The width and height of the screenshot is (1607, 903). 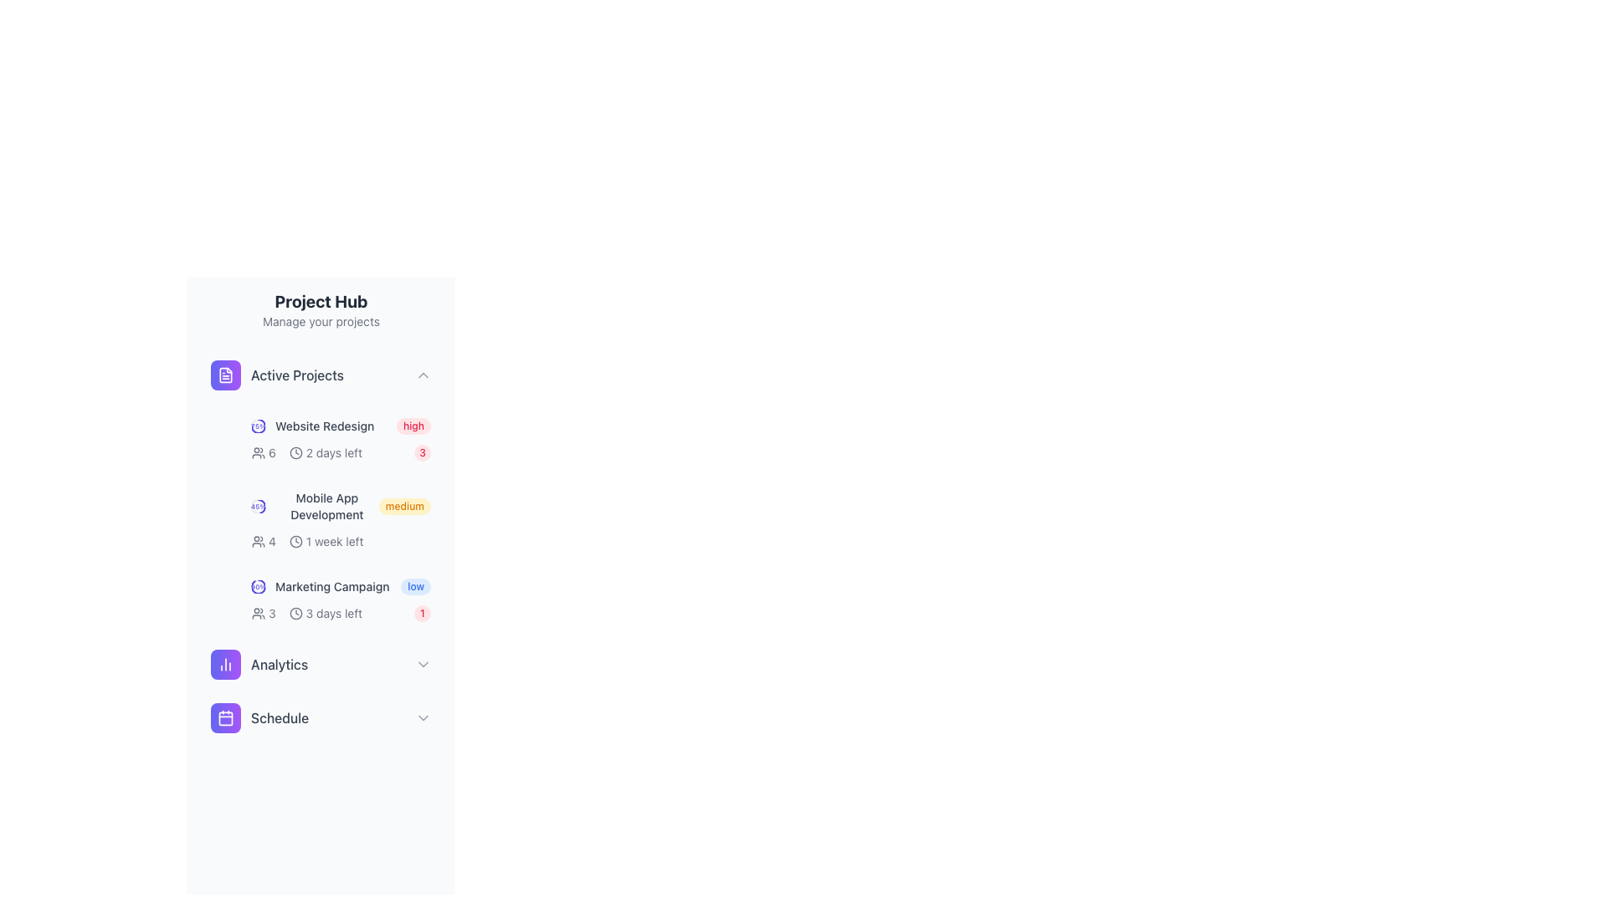 What do you see at coordinates (321, 717) in the screenshot?
I see `the interactive navigation button for the scheduling feature located at the bottom of the 'Project Hub' list, below 'Analytics'` at bounding box center [321, 717].